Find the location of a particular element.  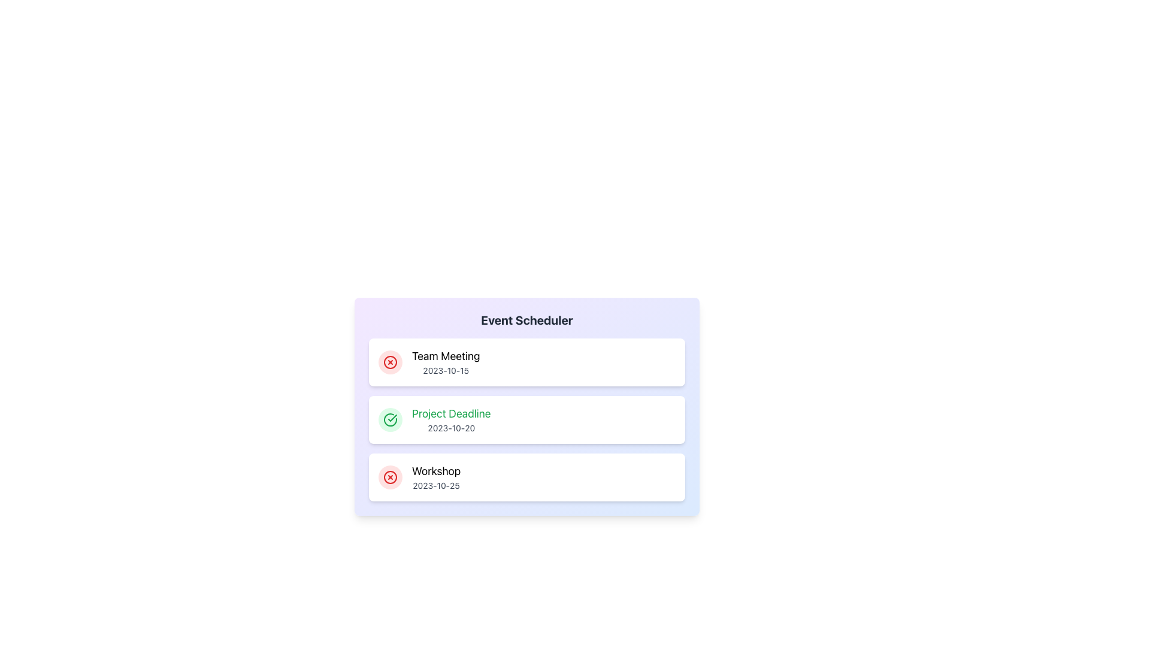

the green checkmark in the informational list item indicating a scheduled event or task is located at coordinates (434, 419).